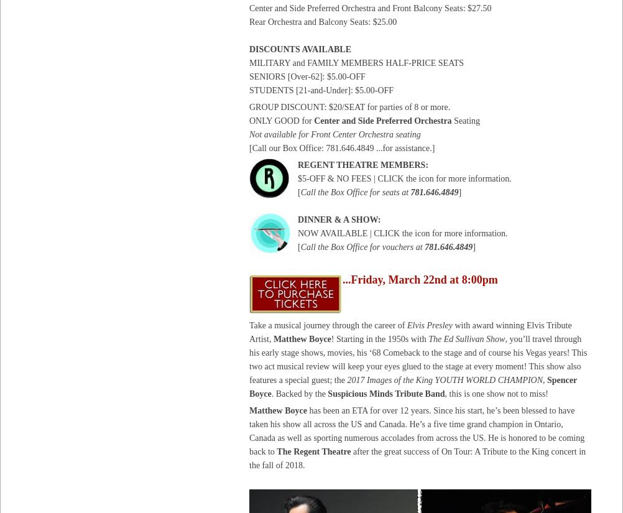 The width and height of the screenshot is (623, 513). Describe the element at coordinates (335, 134) in the screenshot. I see `'Not available for Front Center Orchestra seating'` at that location.